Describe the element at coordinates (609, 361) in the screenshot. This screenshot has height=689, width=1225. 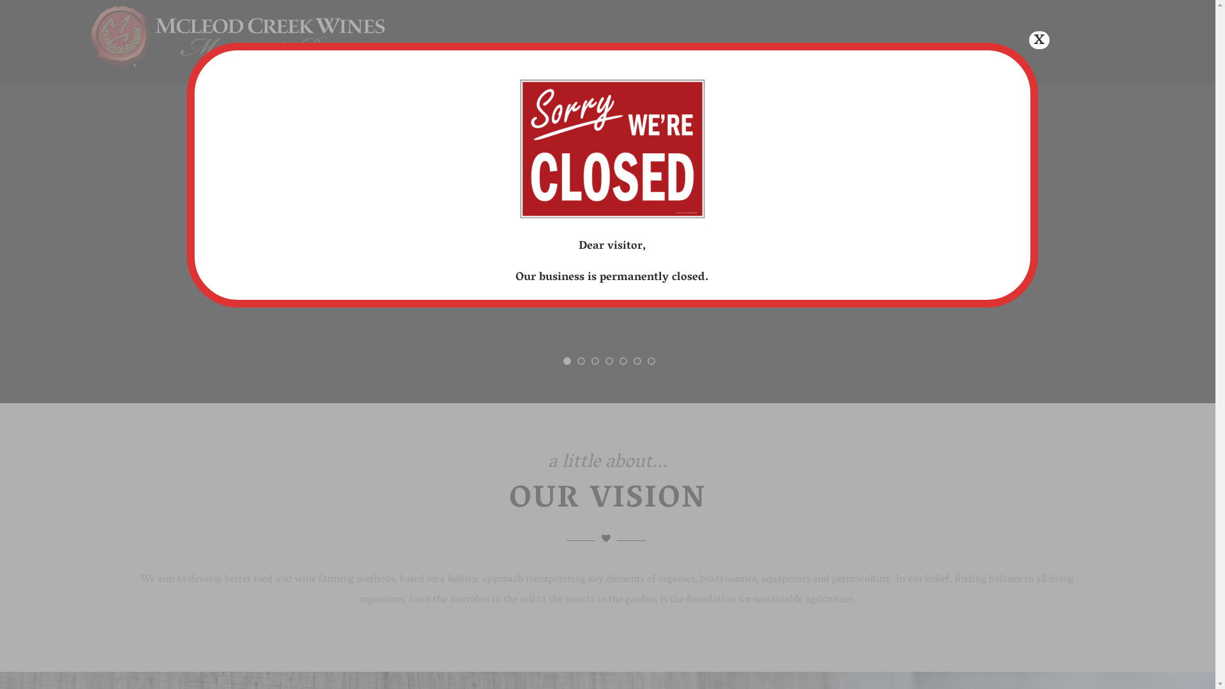
I see `'4'` at that location.